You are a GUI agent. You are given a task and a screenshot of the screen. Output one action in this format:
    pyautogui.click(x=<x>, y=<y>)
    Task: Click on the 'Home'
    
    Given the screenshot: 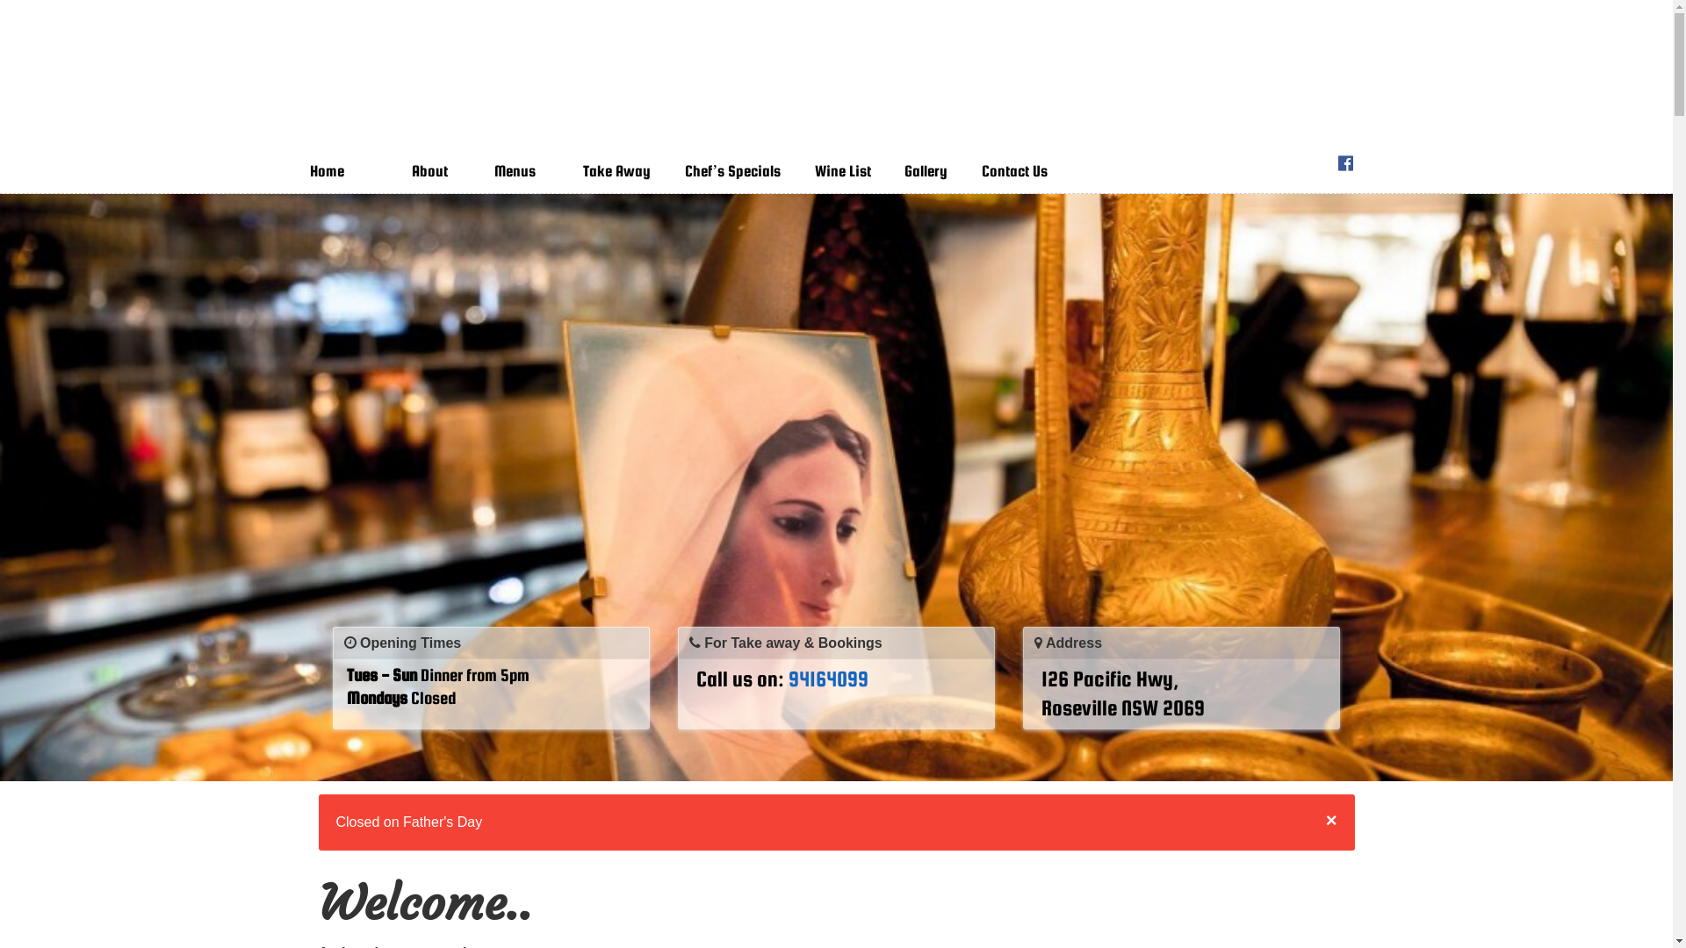 What is the action you would take?
    pyautogui.click(x=334, y=171)
    